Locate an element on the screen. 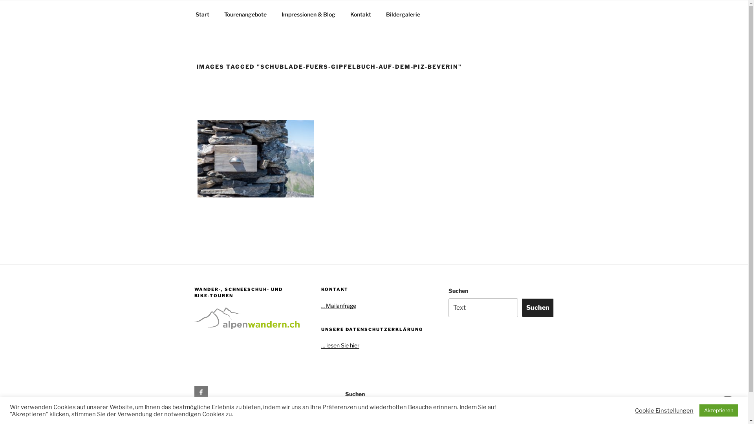 This screenshot has height=424, width=754. 'Start' is located at coordinates (202, 14).